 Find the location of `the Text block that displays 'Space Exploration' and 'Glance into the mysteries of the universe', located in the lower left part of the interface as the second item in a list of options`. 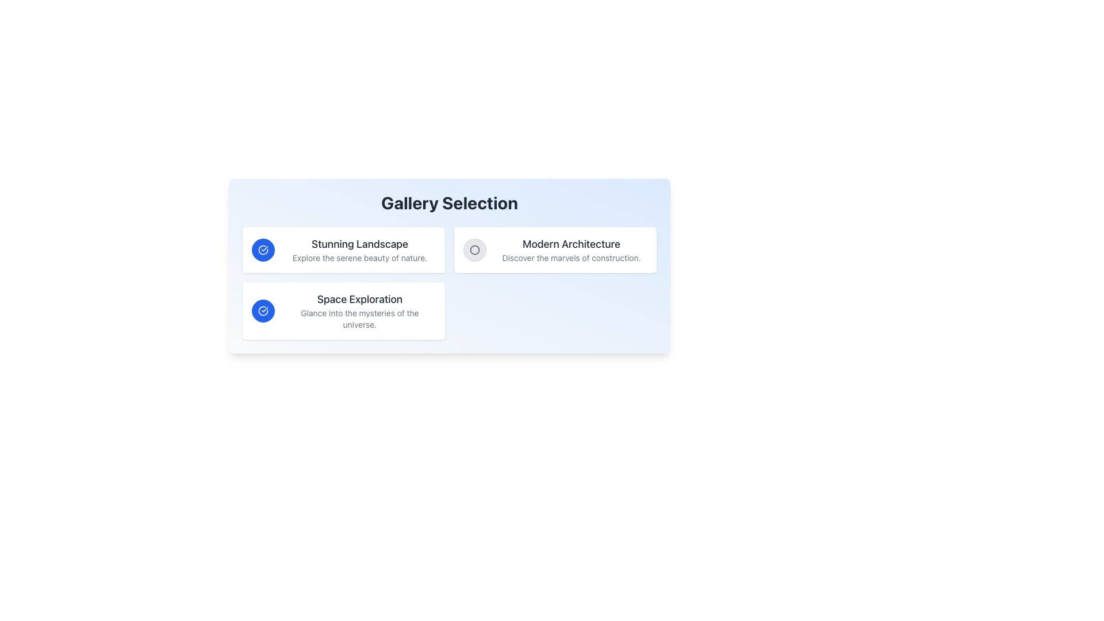

the Text block that displays 'Space Exploration' and 'Glance into the mysteries of the universe', located in the lower left part of the interface as the second item in a list of options is located at coordinates (359, 310).